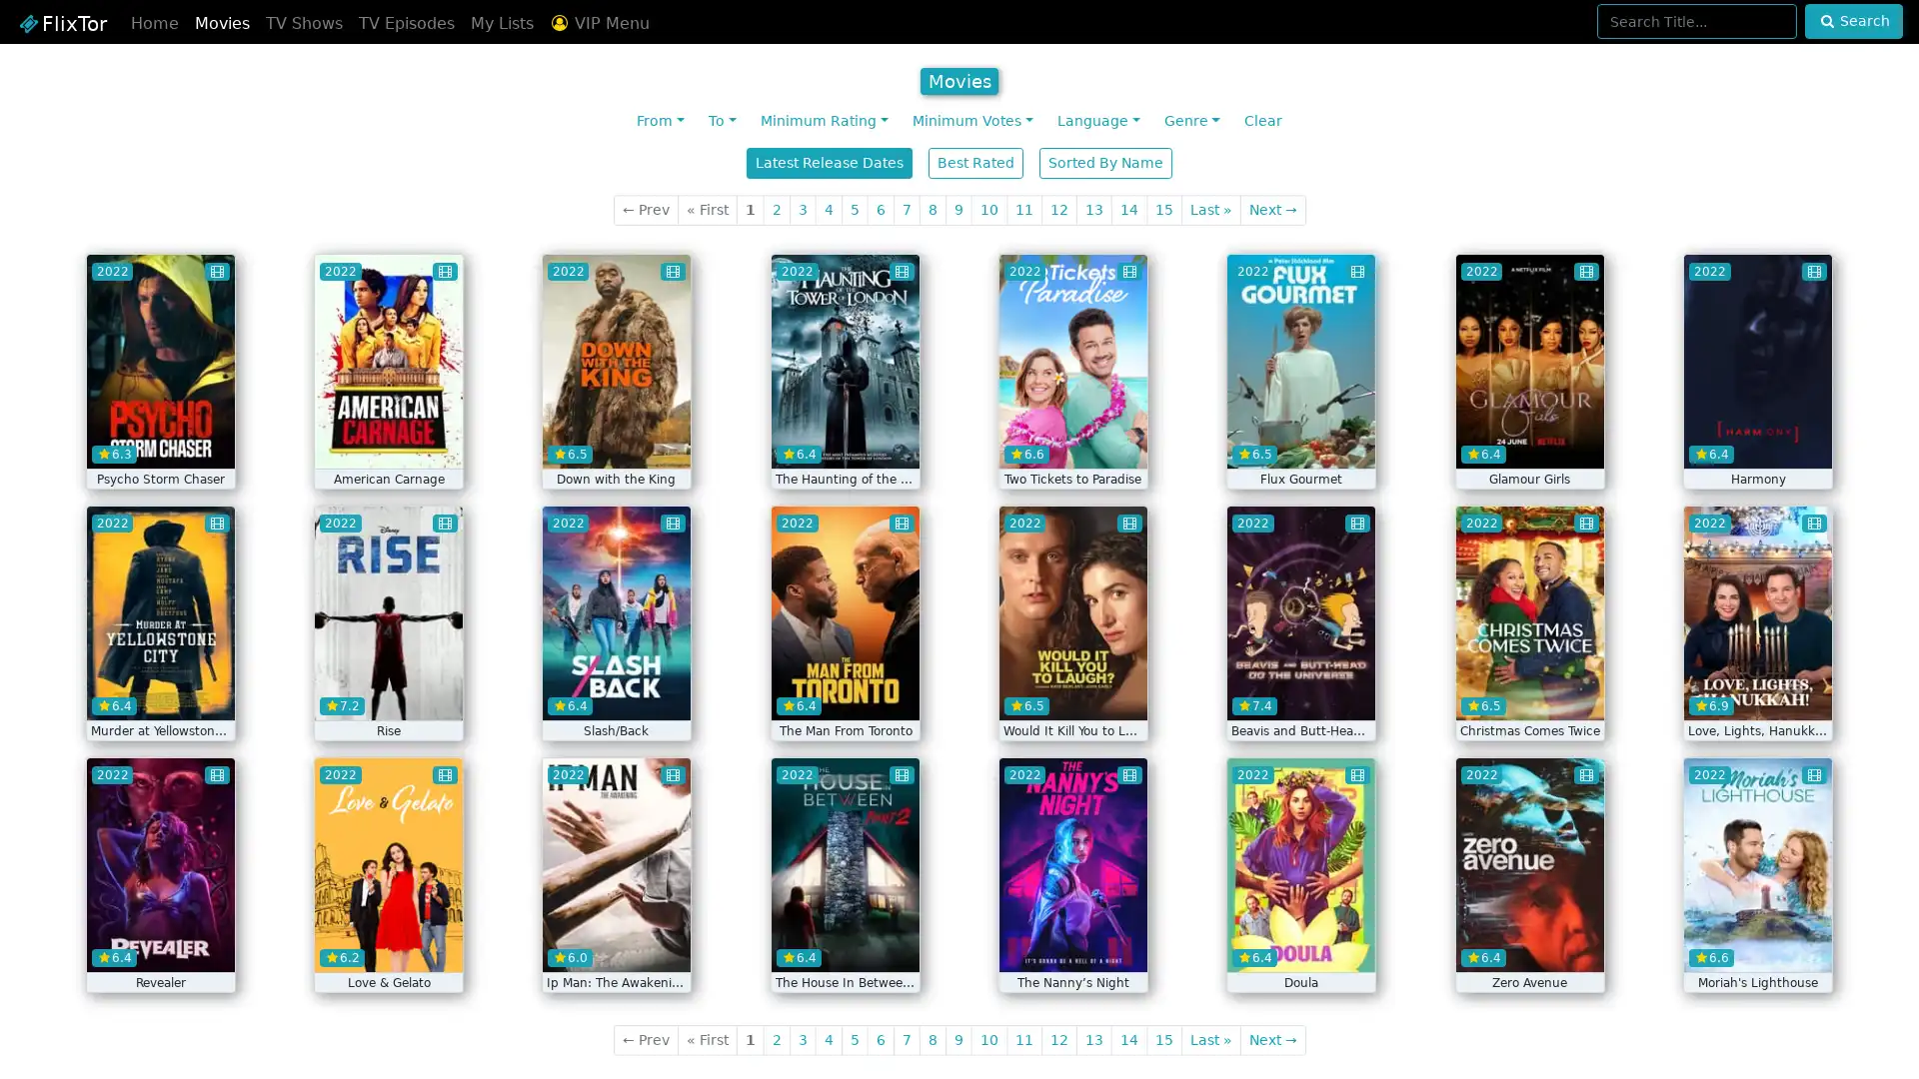 The width and height of the screenshot is (1919, 1079). What do you see at coordinates (158, 943) in the screenshot?
I see `Watch Now` at bounding box center [158, 943].